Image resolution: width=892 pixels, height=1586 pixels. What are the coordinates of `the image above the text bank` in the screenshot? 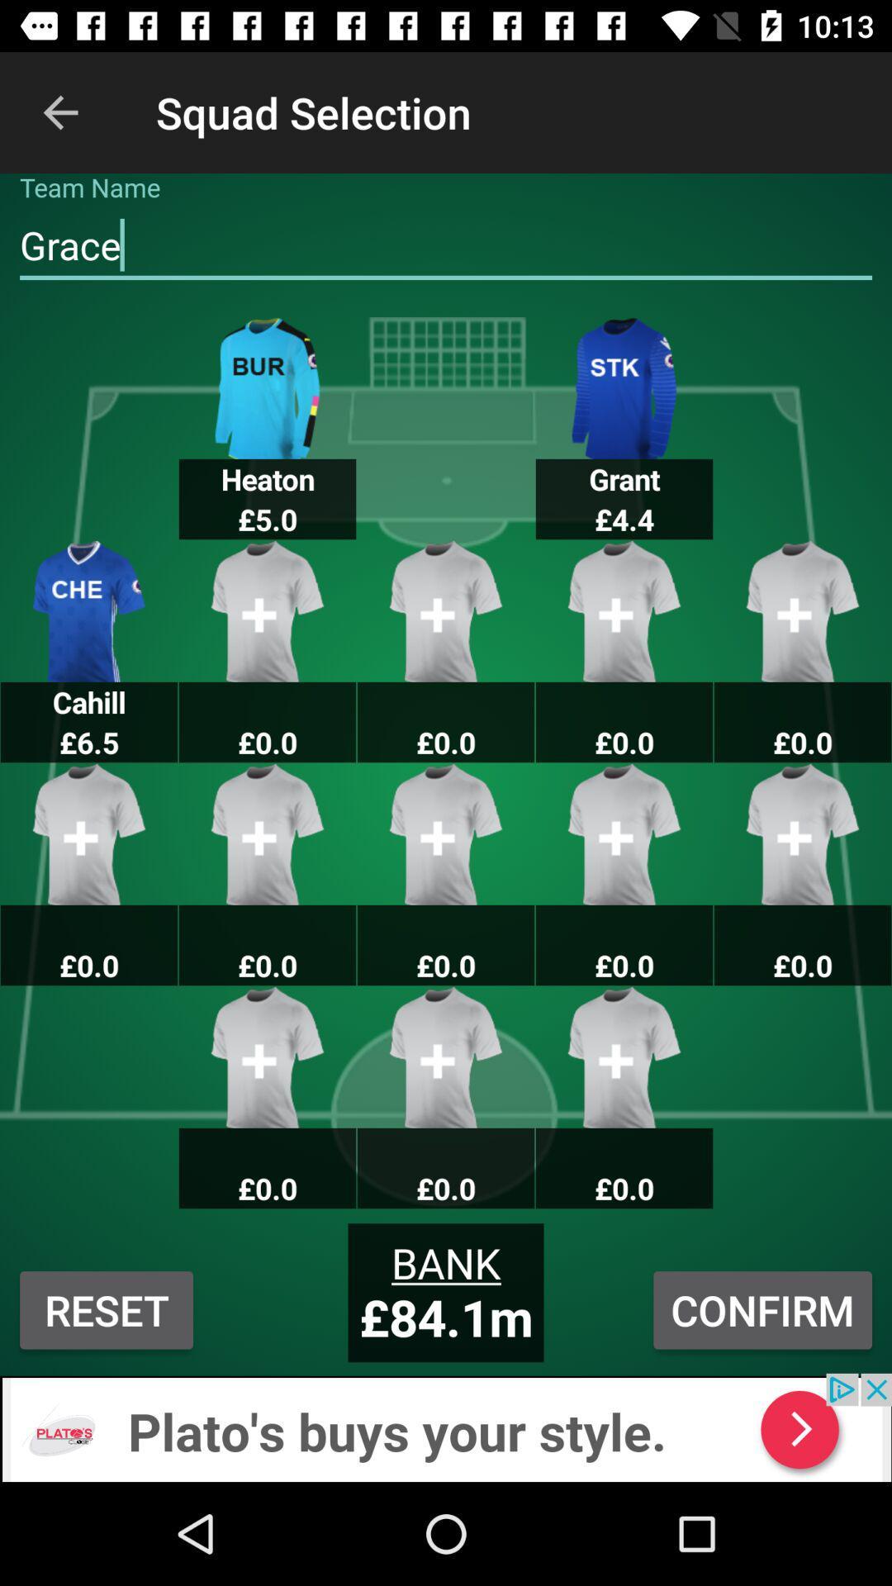 It's located at (446, 1057).